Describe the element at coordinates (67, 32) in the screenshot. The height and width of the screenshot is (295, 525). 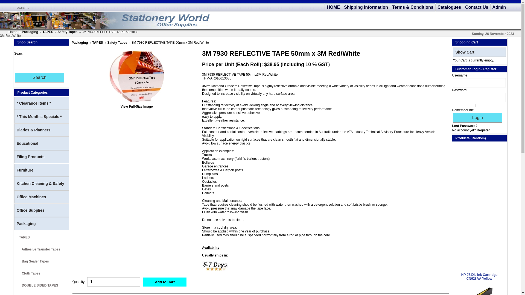
I see `'Safety Tapes'` at that location.